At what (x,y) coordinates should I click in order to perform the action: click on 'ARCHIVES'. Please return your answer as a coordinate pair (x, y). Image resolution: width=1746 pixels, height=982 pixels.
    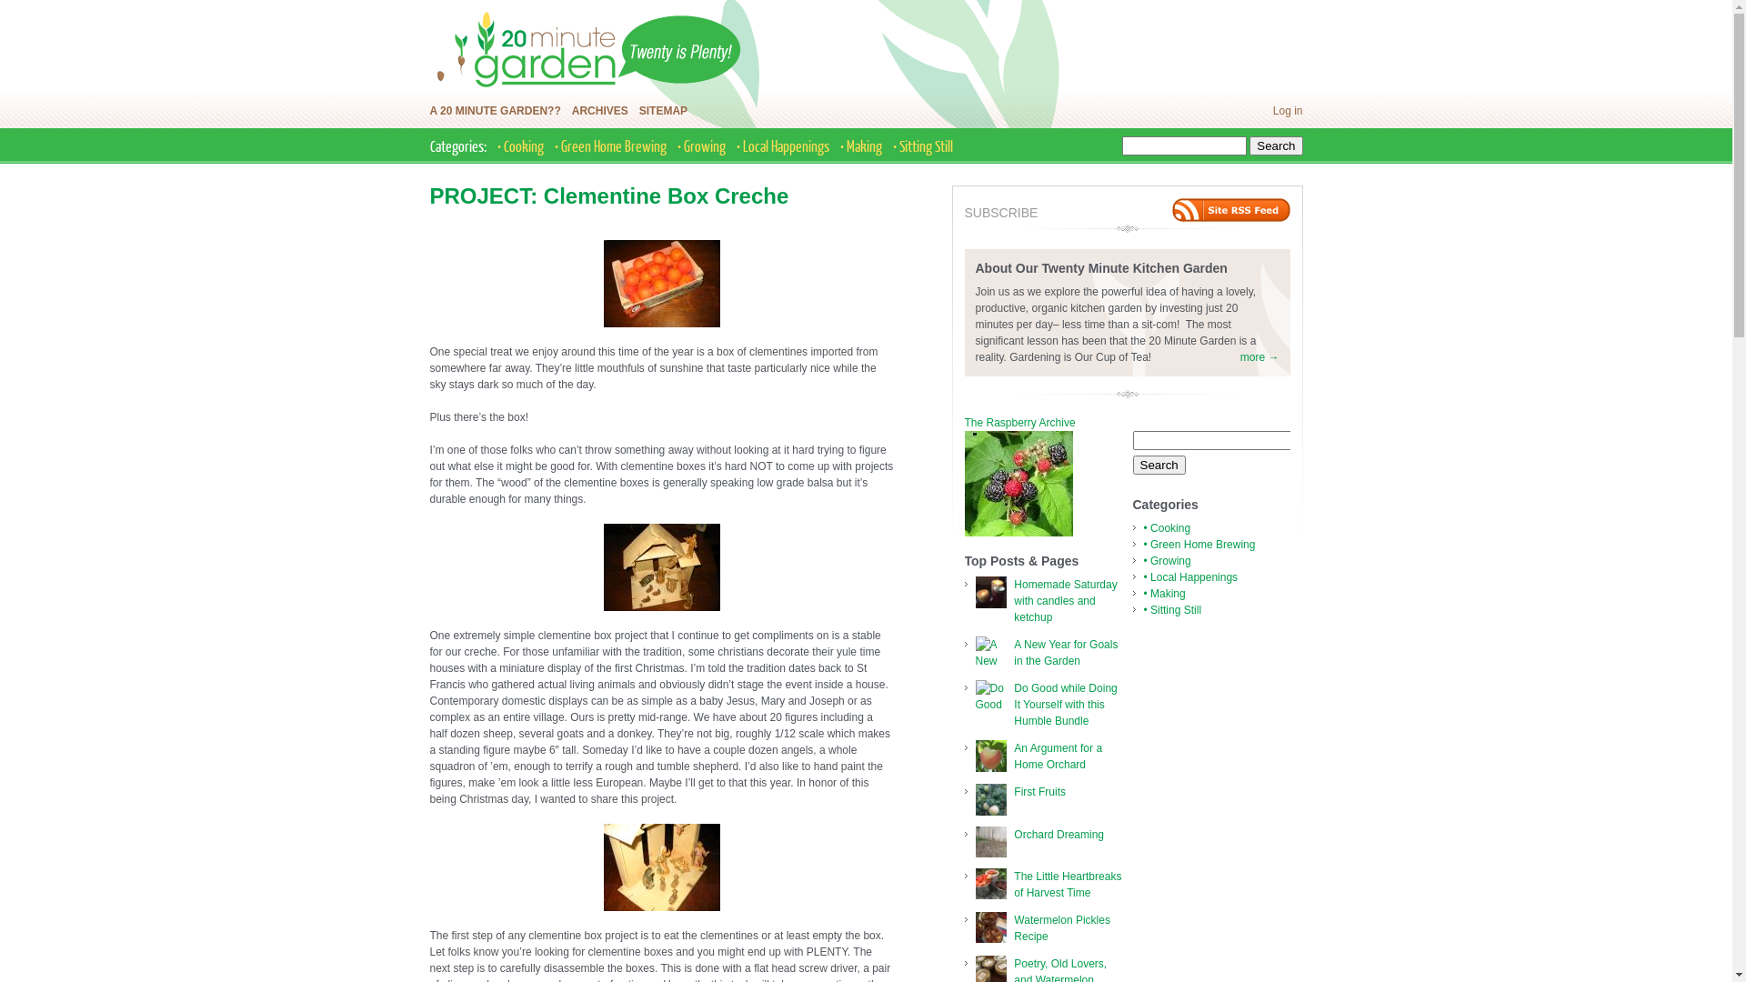
    Looking at the image, I should click on (570, 111).